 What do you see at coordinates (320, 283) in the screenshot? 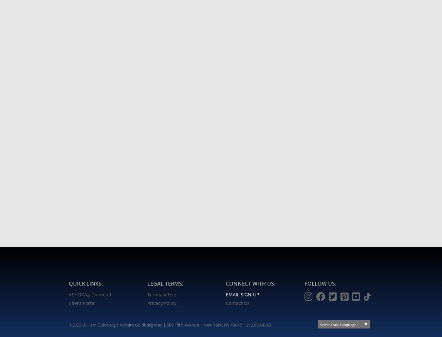
I see `'FOLLOW US:'` at bounding box center [320, 283].